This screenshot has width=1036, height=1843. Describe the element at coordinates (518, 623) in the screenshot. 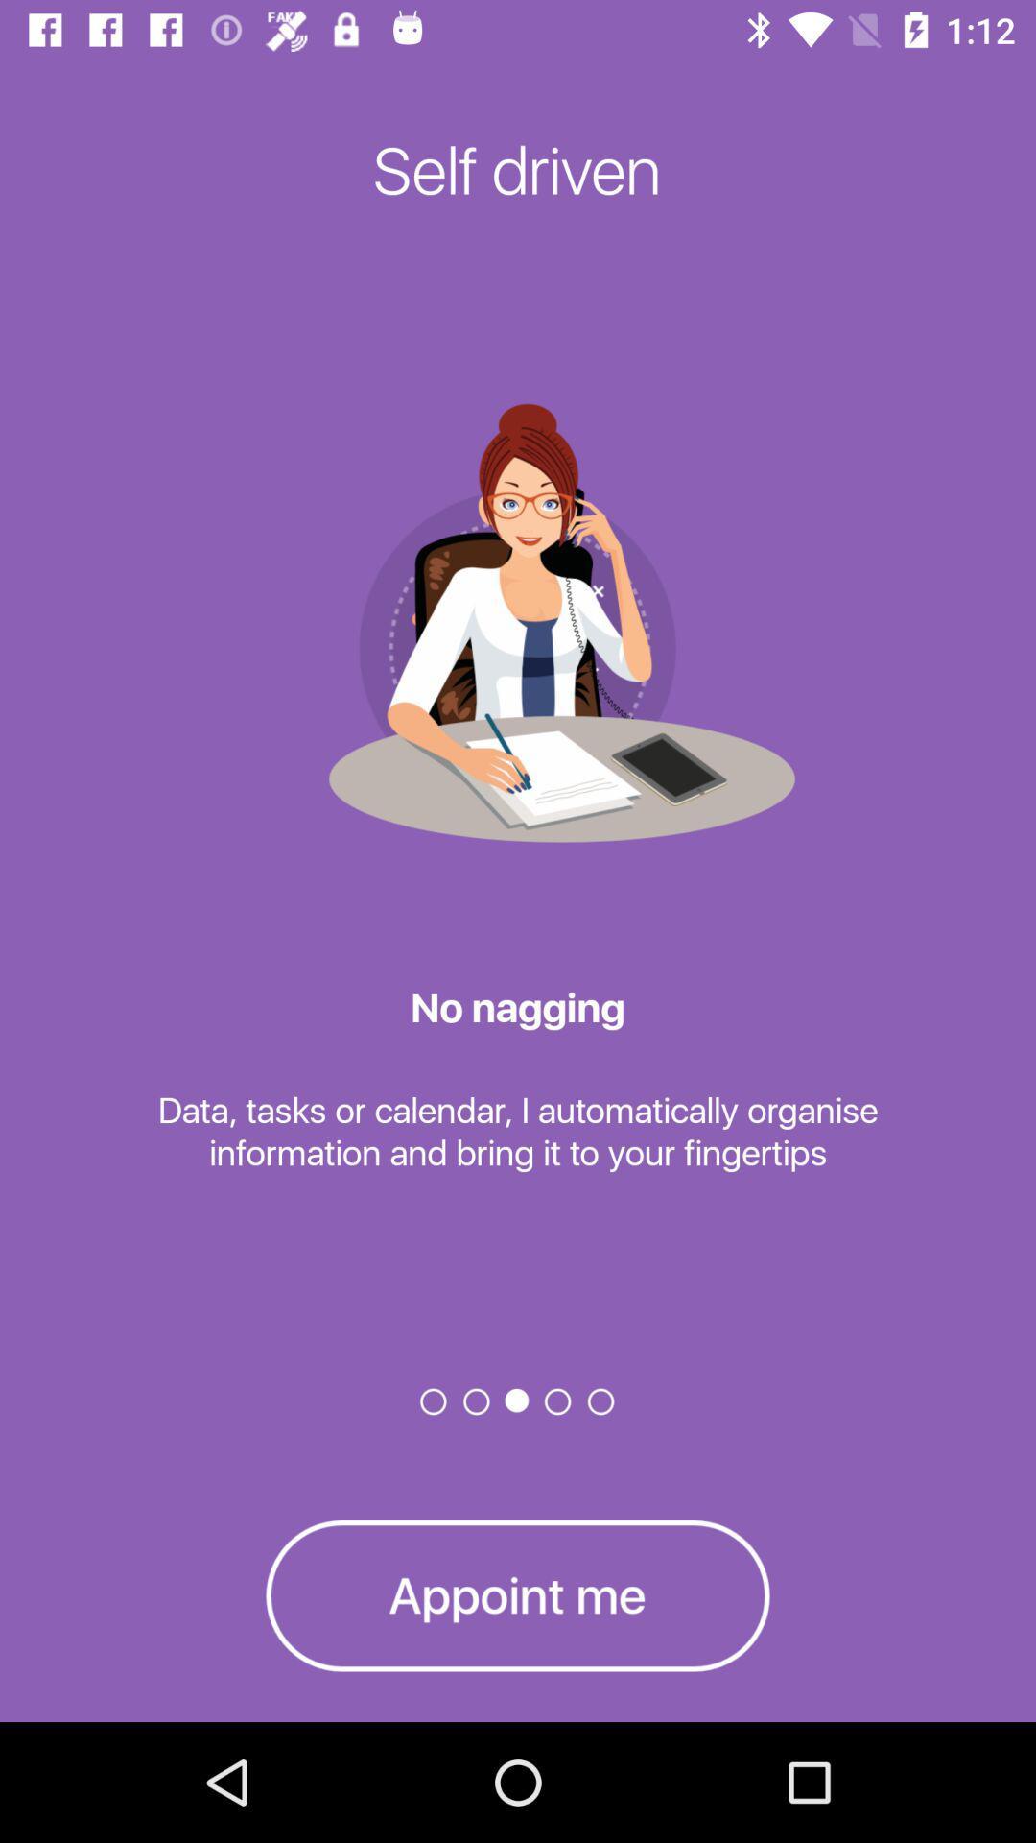

I see `the image` at that location.